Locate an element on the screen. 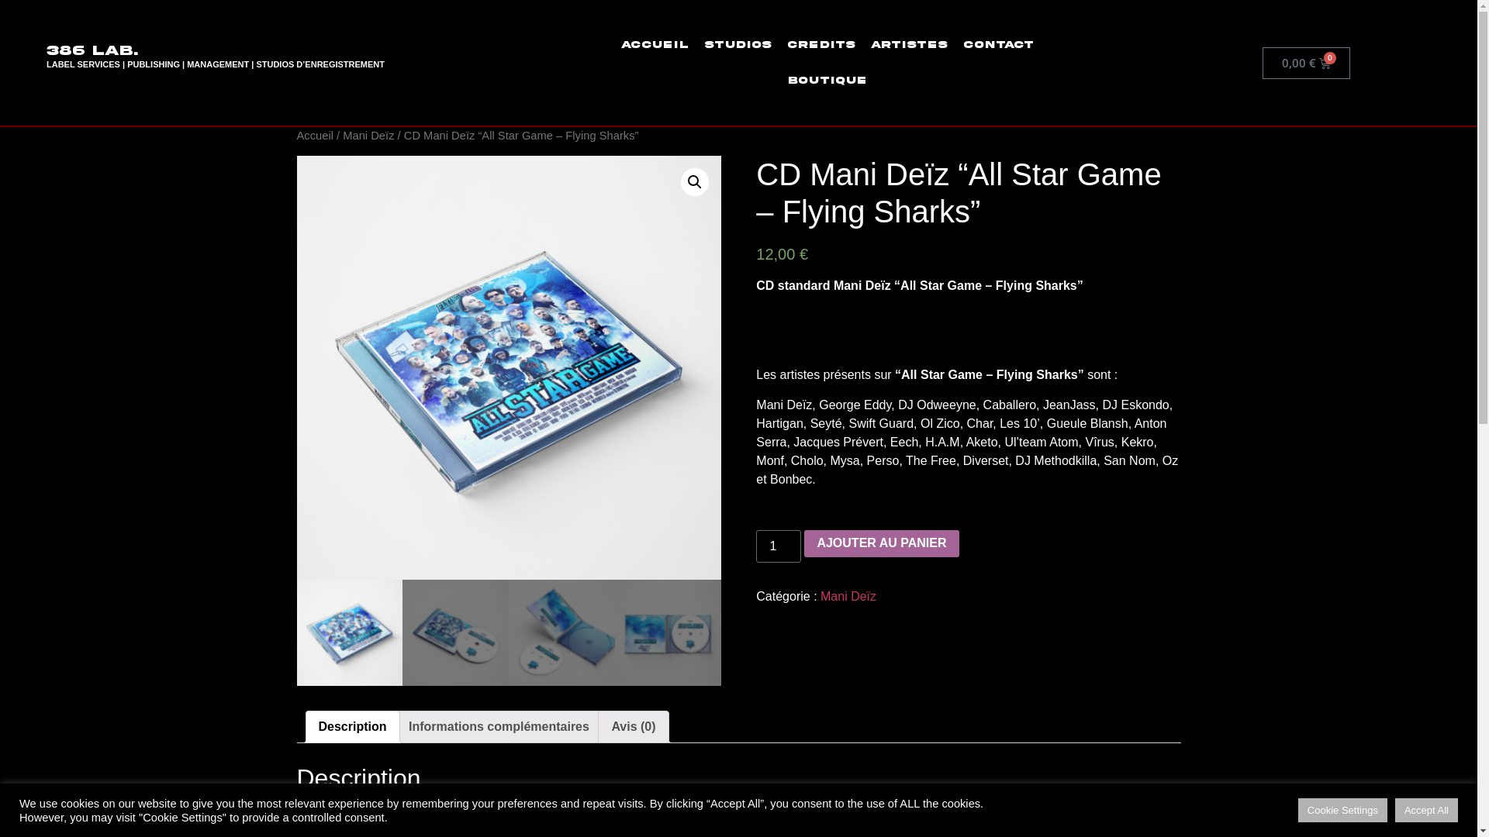 The image size is (1489, 837). 'Boutique' is located at coordinates (826, 81).